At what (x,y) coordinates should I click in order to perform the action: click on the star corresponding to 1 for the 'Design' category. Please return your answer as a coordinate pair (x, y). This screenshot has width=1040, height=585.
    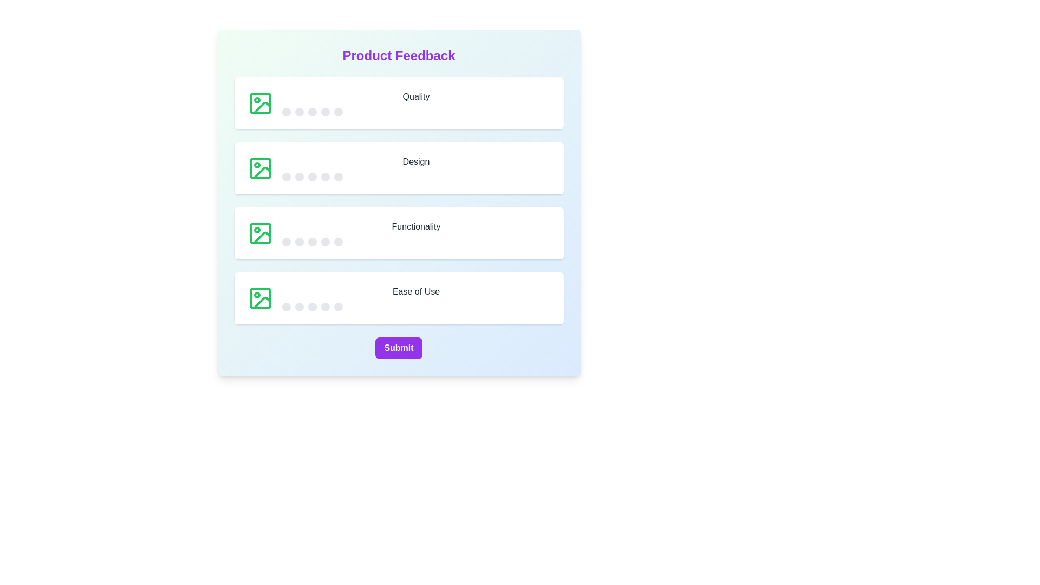
    Looking at the image, I should click on (286, 177).